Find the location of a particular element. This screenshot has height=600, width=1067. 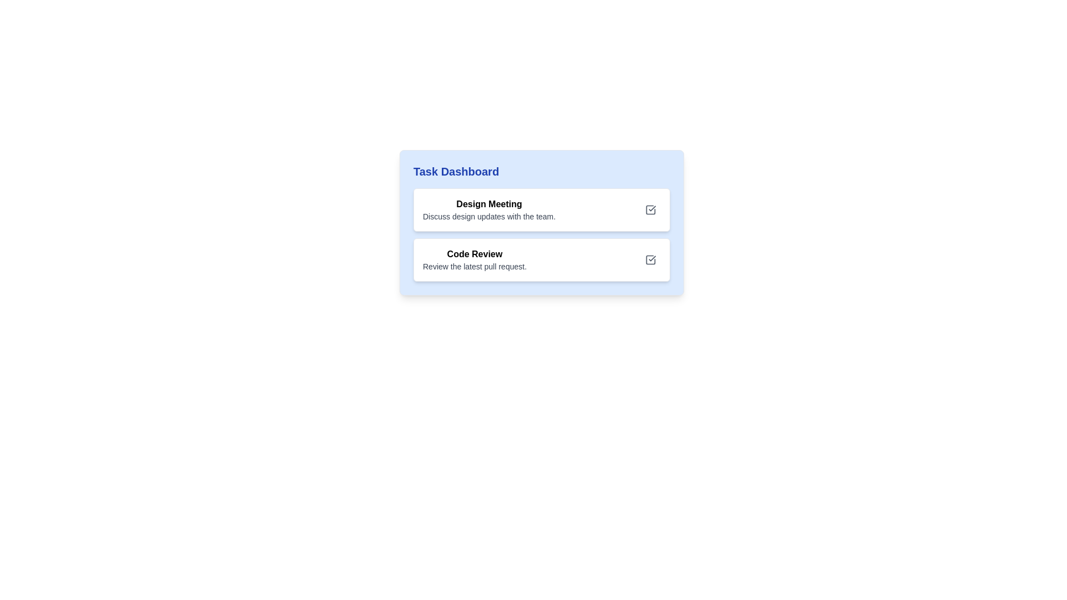

text segment that says 'Review the latest pull request.' which is styled in gray and located directly beneath the 'Code Review' title is located at coordinates (475, 266).